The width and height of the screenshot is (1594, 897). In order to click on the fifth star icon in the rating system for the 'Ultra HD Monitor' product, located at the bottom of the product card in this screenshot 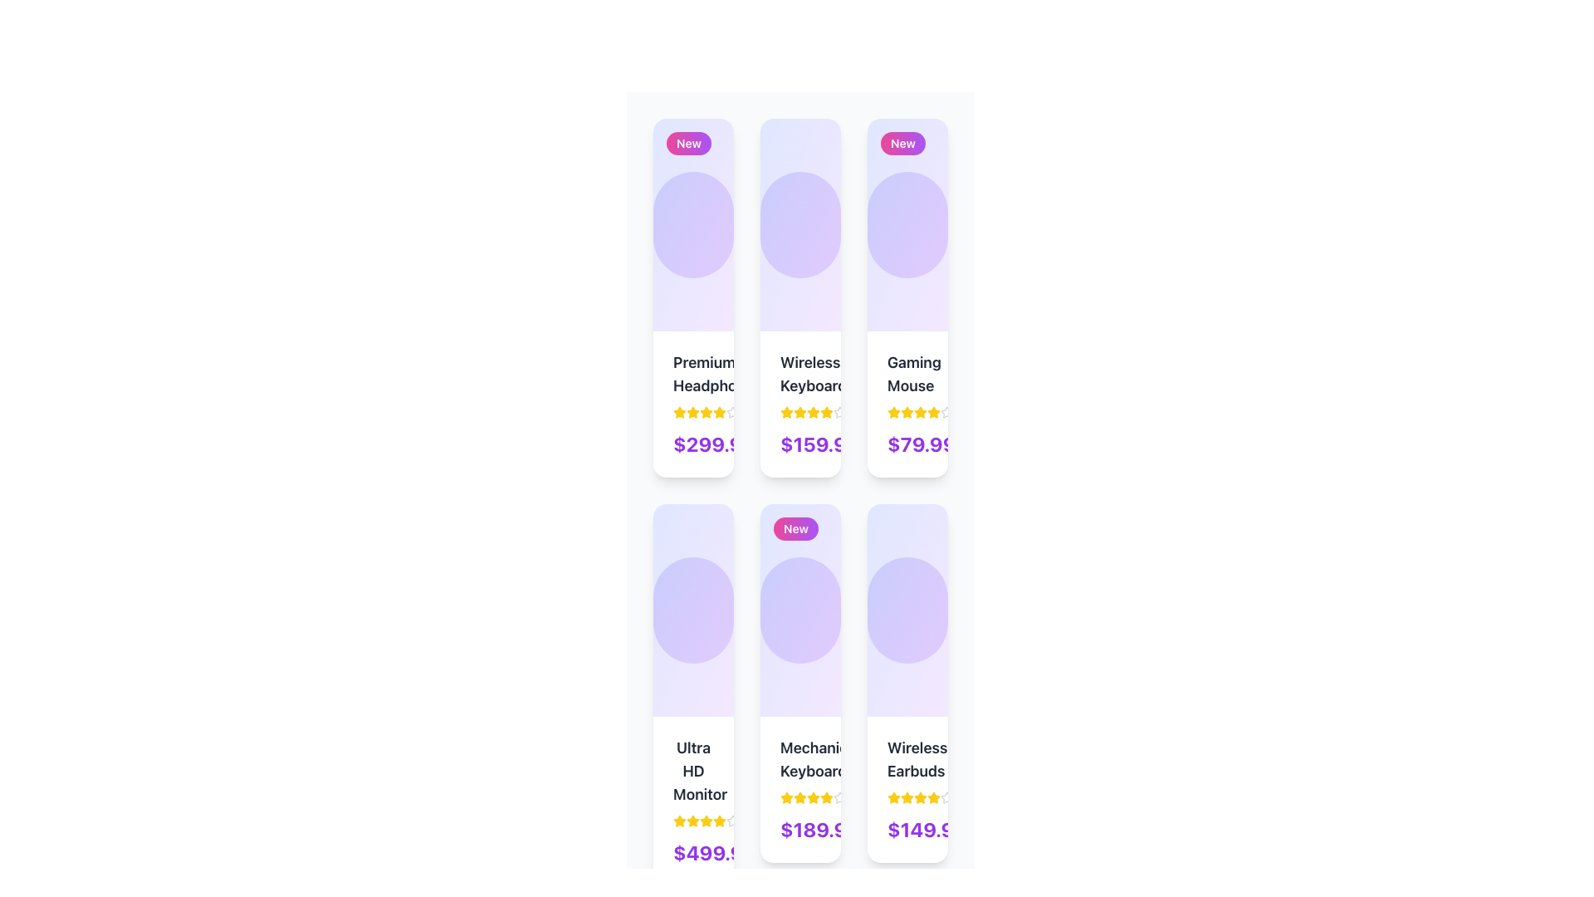, I will do `click(720, 820)`.